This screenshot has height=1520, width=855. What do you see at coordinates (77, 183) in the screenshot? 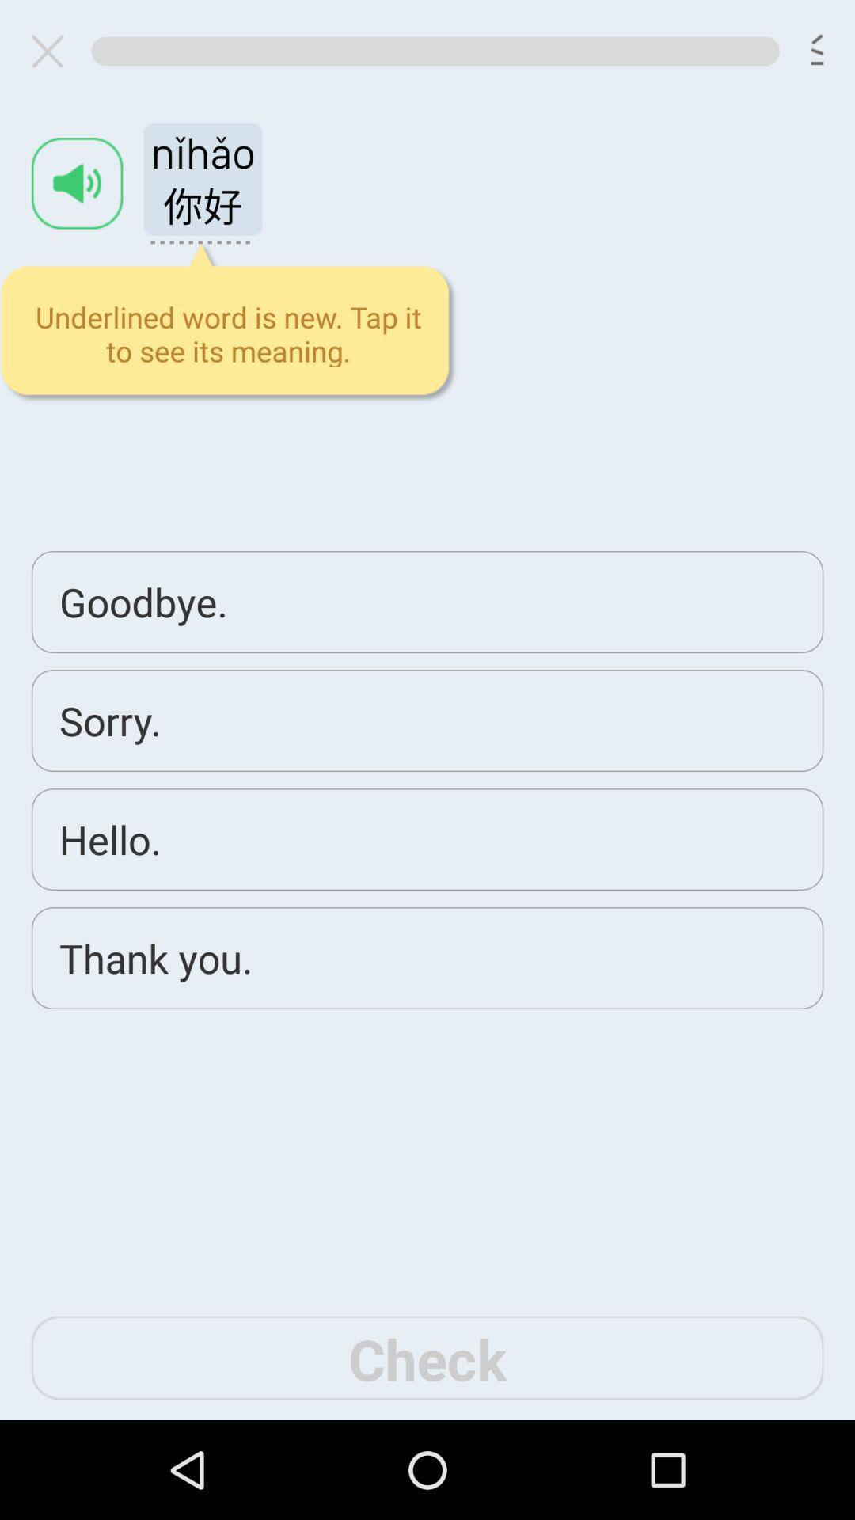
I see `audio` at bounding box center [77, 183].